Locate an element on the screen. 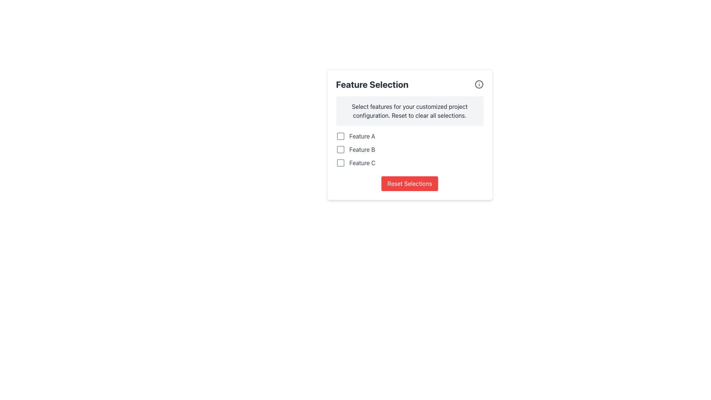  the label displaying the text 'Feature B', which is styled with gray color and located adjacent to its checkbox icon is located at coordinates (362, 150).